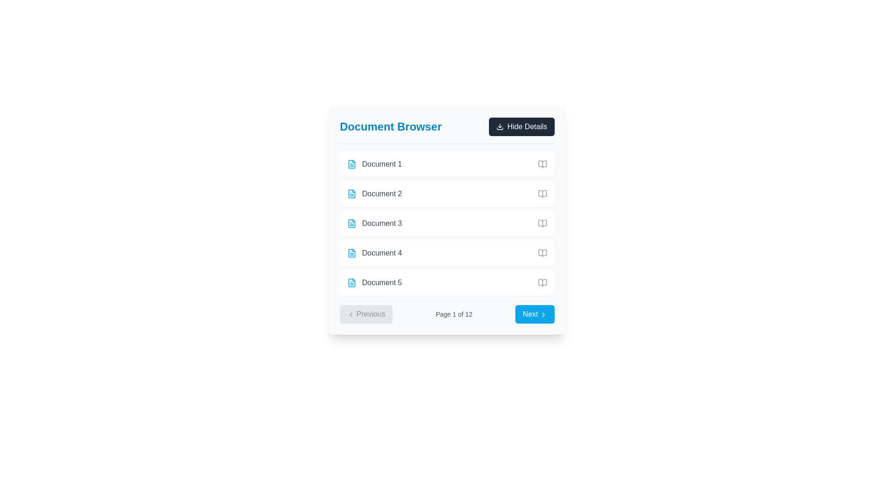 This screenshot has height=500, width=889. What do you see at coordinates (382, 194) in the screenshot?
I see `the text label displaying 'Document 2', which is styled in gray and located next to a blue file icon in a vertical list of file entries` at bounding box center [382, 194].